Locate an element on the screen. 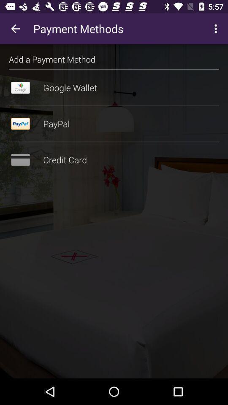  add a payment icon is located at coordinates (52, 59).